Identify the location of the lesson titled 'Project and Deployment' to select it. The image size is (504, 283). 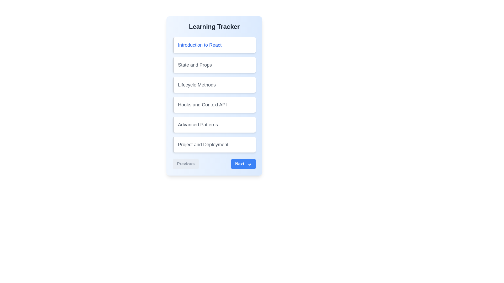
(214, 144).